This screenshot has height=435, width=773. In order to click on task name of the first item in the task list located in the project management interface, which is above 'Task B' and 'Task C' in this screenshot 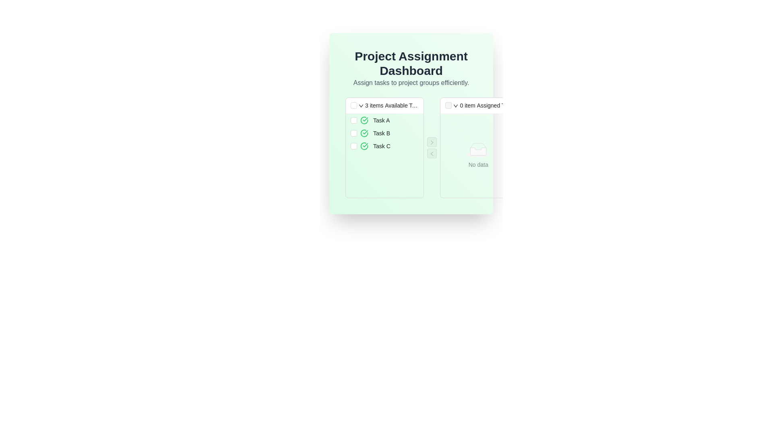, I will do `click(384, 120)`.